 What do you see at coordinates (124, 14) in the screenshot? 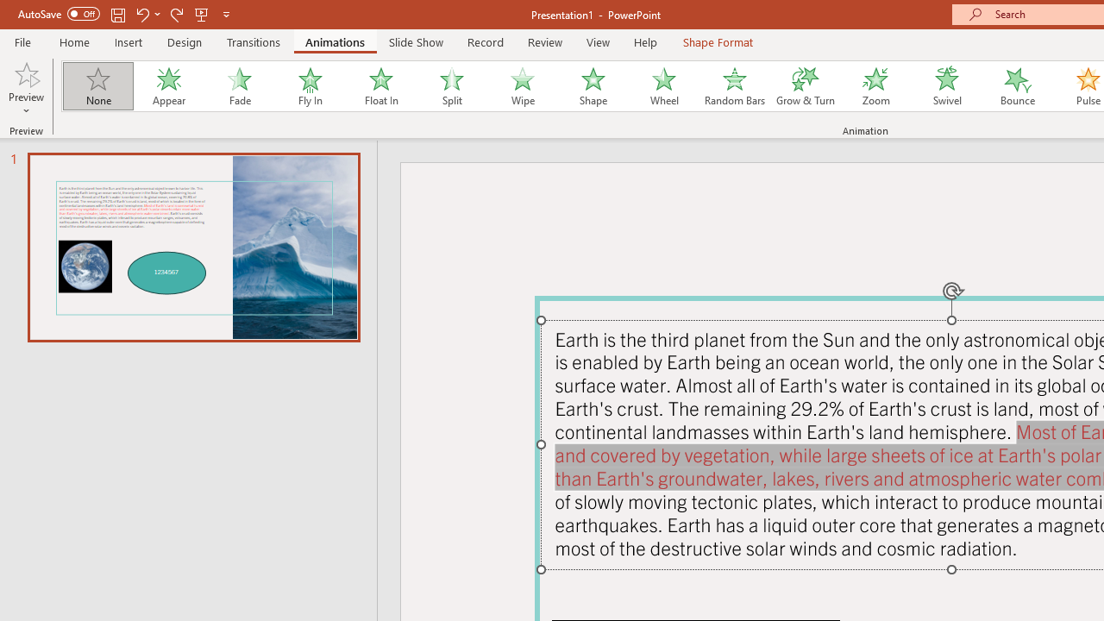
I see `'Quick Access Toolbar'` at bounding box center [124, 14].